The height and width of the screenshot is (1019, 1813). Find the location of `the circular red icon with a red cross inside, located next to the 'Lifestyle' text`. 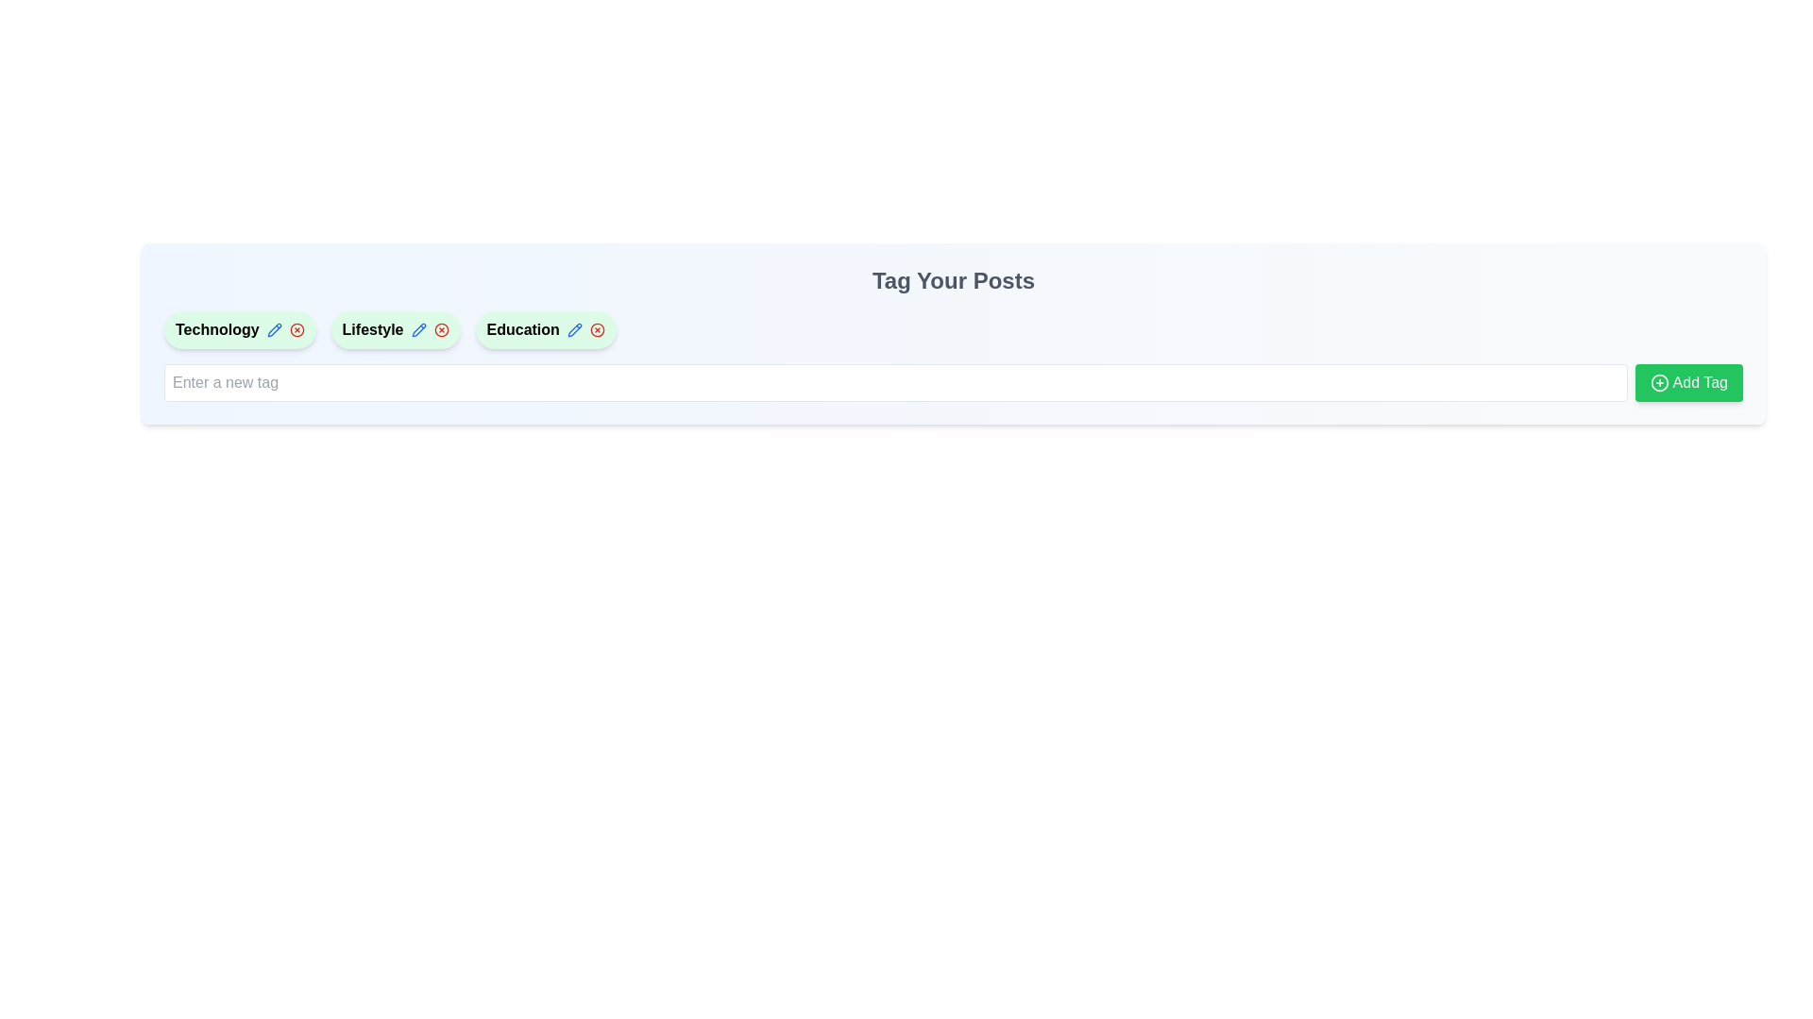

the circular red icon with a red cross inside, located next to the 'Lifestyle' text is located at coordinates (440, 329).